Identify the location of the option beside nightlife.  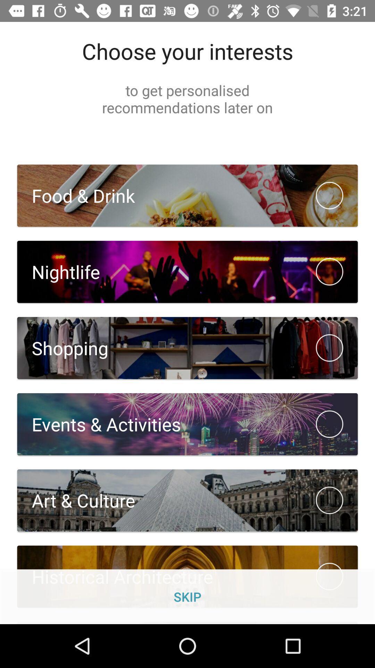
(329, 271).